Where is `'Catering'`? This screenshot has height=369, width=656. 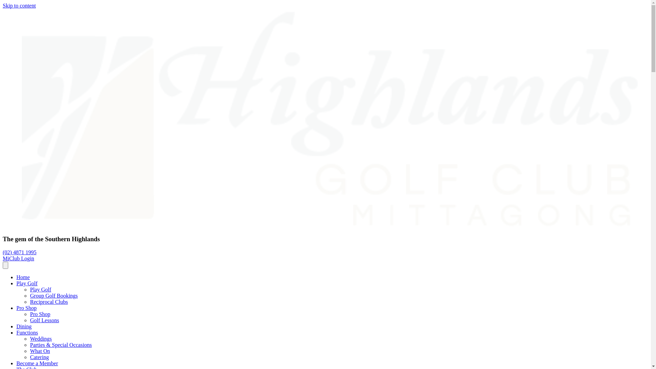
'Catering' is located at coordinates (39, 357).